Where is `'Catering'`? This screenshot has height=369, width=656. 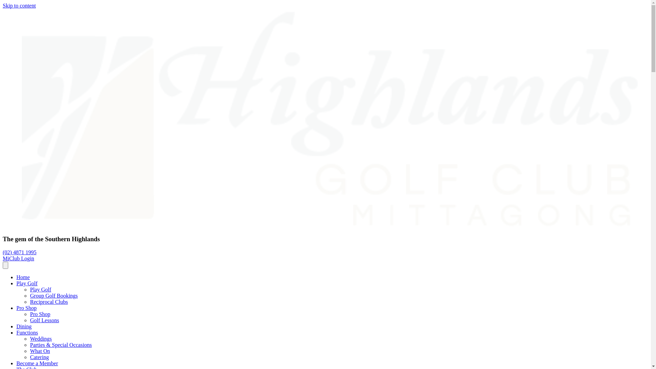
'Catering' is located at coordinates (39, 357).